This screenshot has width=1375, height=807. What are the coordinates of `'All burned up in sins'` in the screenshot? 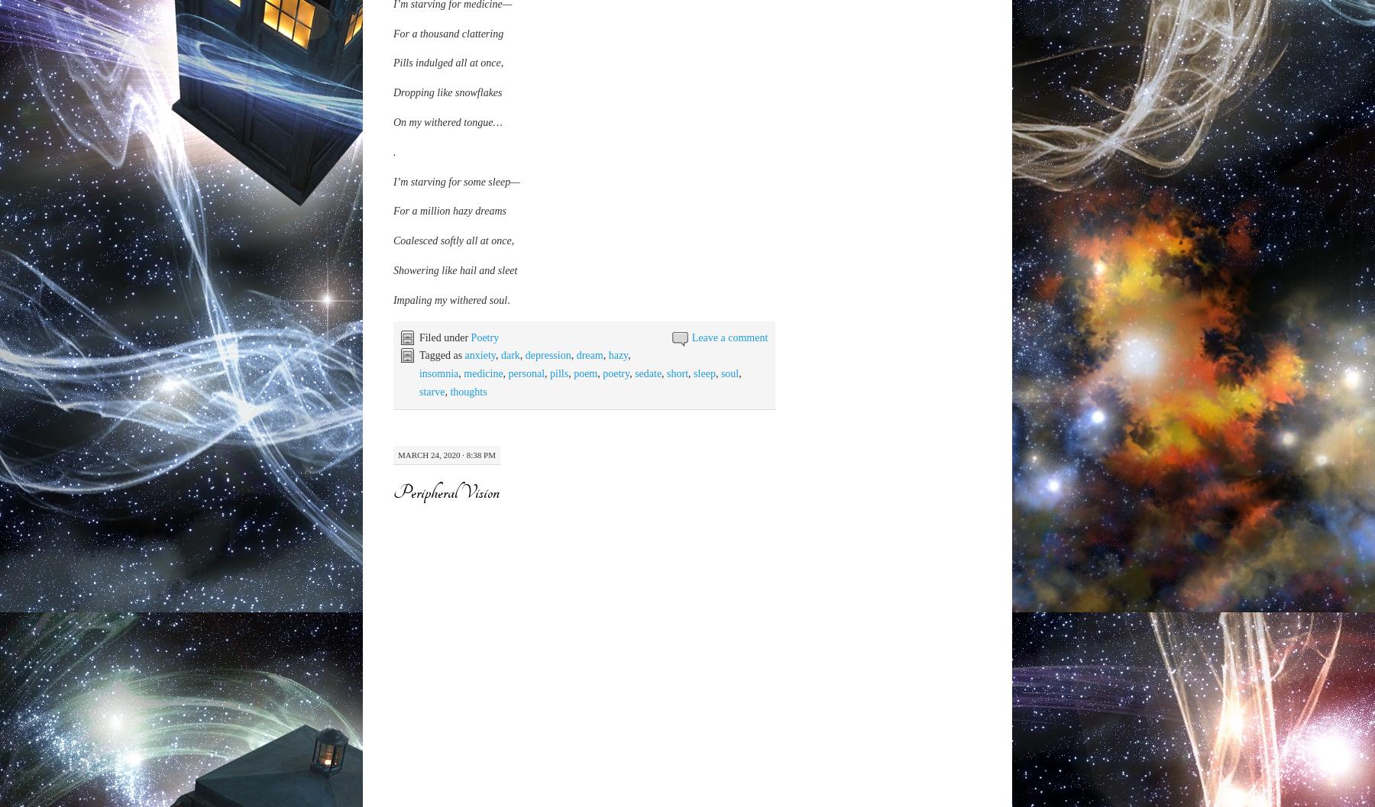 It's located at (437, 589).